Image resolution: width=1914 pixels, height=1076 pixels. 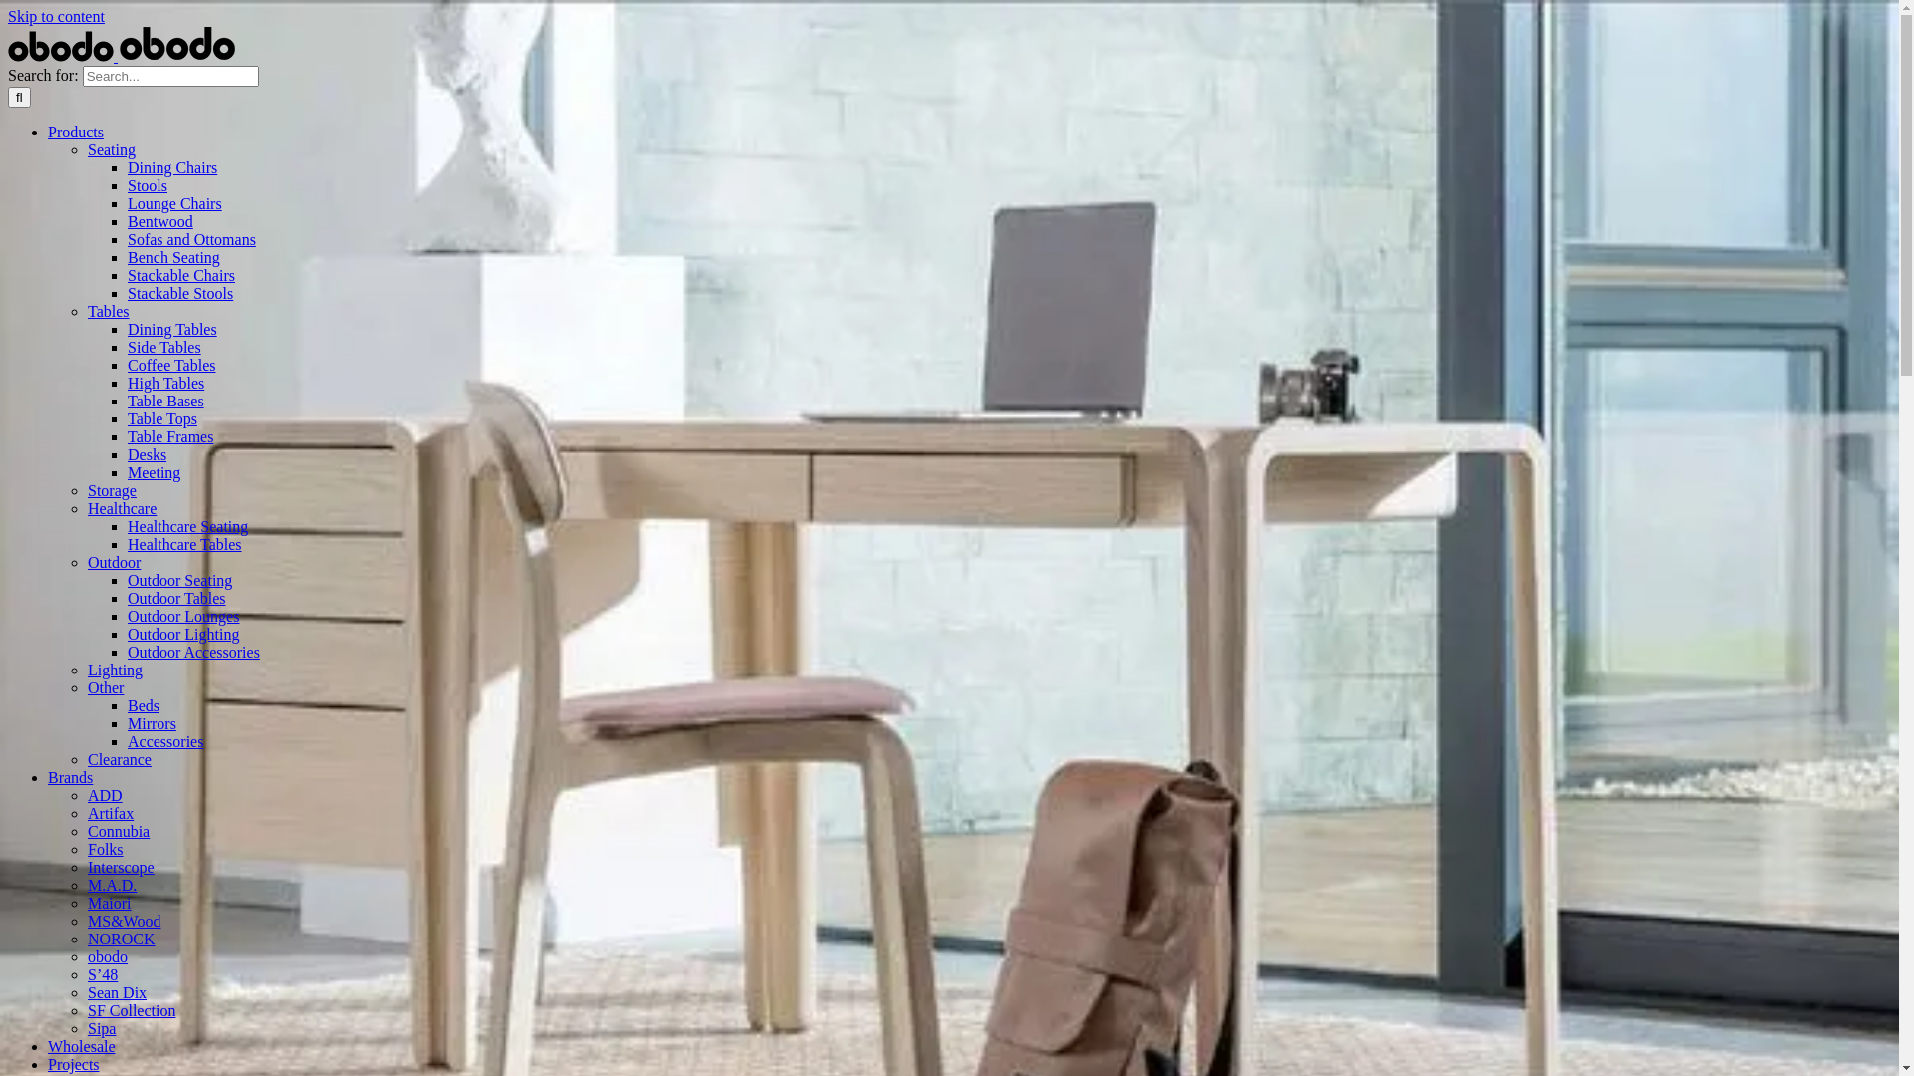 What do you see at coordinates (147, 185) in the screenshot?
I see `'Stools'` at bounding box center [147, 185].